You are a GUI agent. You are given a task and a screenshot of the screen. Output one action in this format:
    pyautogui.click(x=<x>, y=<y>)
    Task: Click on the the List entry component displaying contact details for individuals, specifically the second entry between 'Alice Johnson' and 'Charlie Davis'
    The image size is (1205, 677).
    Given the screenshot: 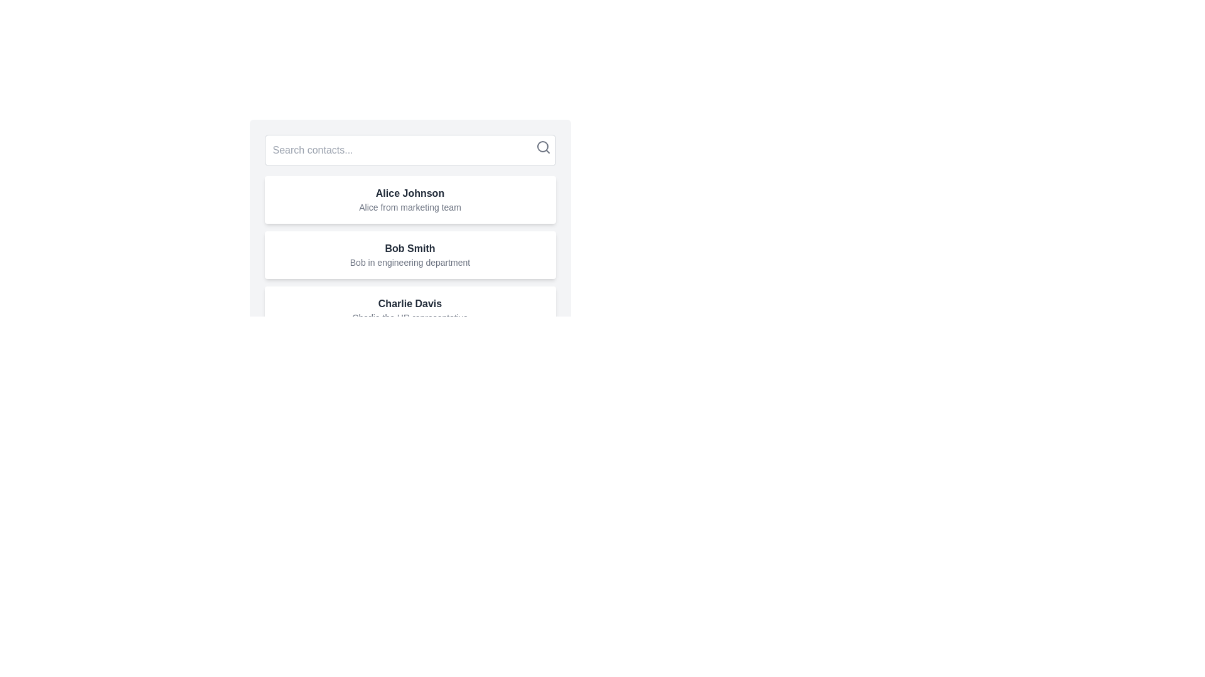 What is the action you would take?
    pyautogui.click(x=410, y=255)
    